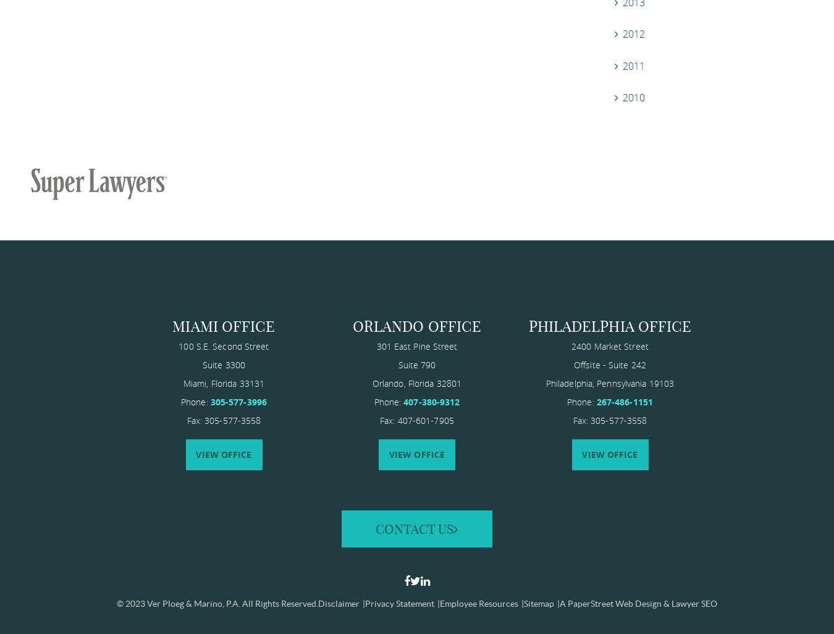  What do you see at coordinates (610, 602) in the screenshot?
I see `'A PaperStreet Web Design'` at bounding box center [610, 602].